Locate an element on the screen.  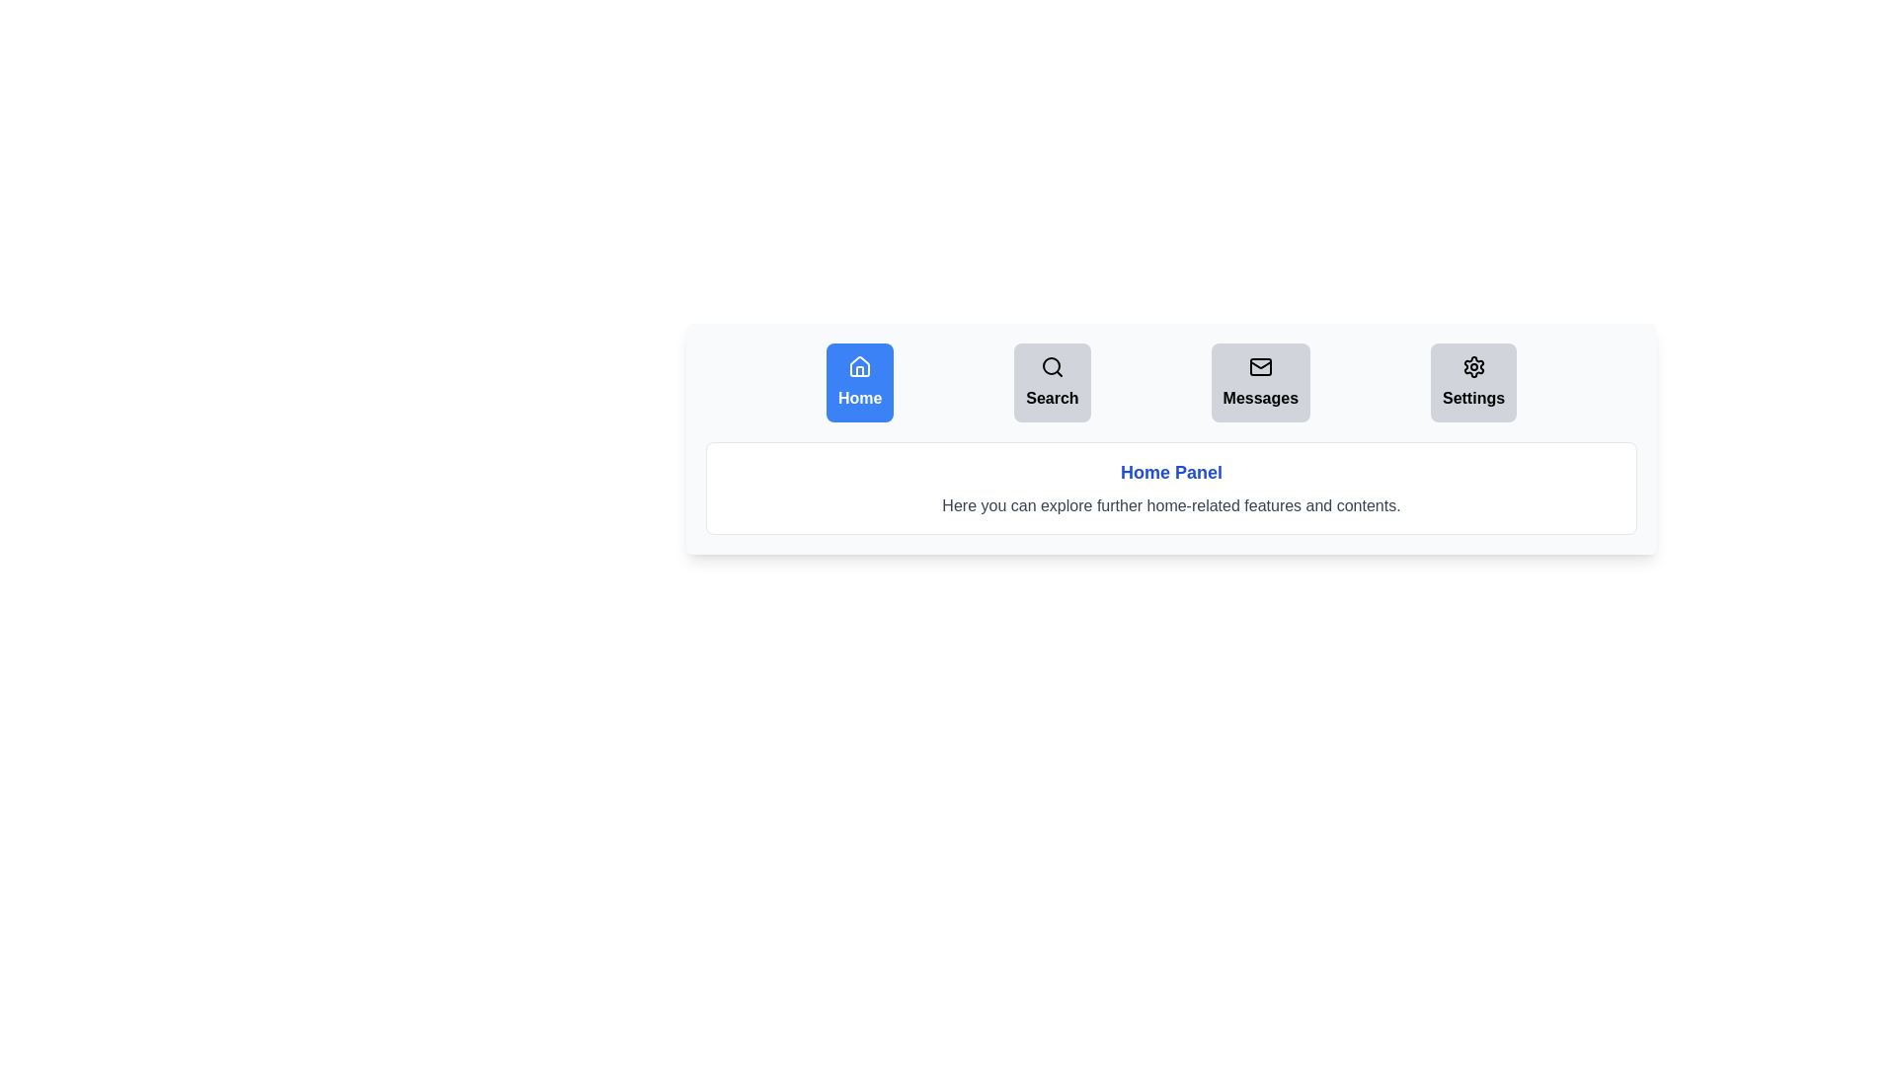
the 'Messages' text label located at the bottom of the button with an envelope icon in the horizontal navigation bar is located at coordinates (1259, 399).